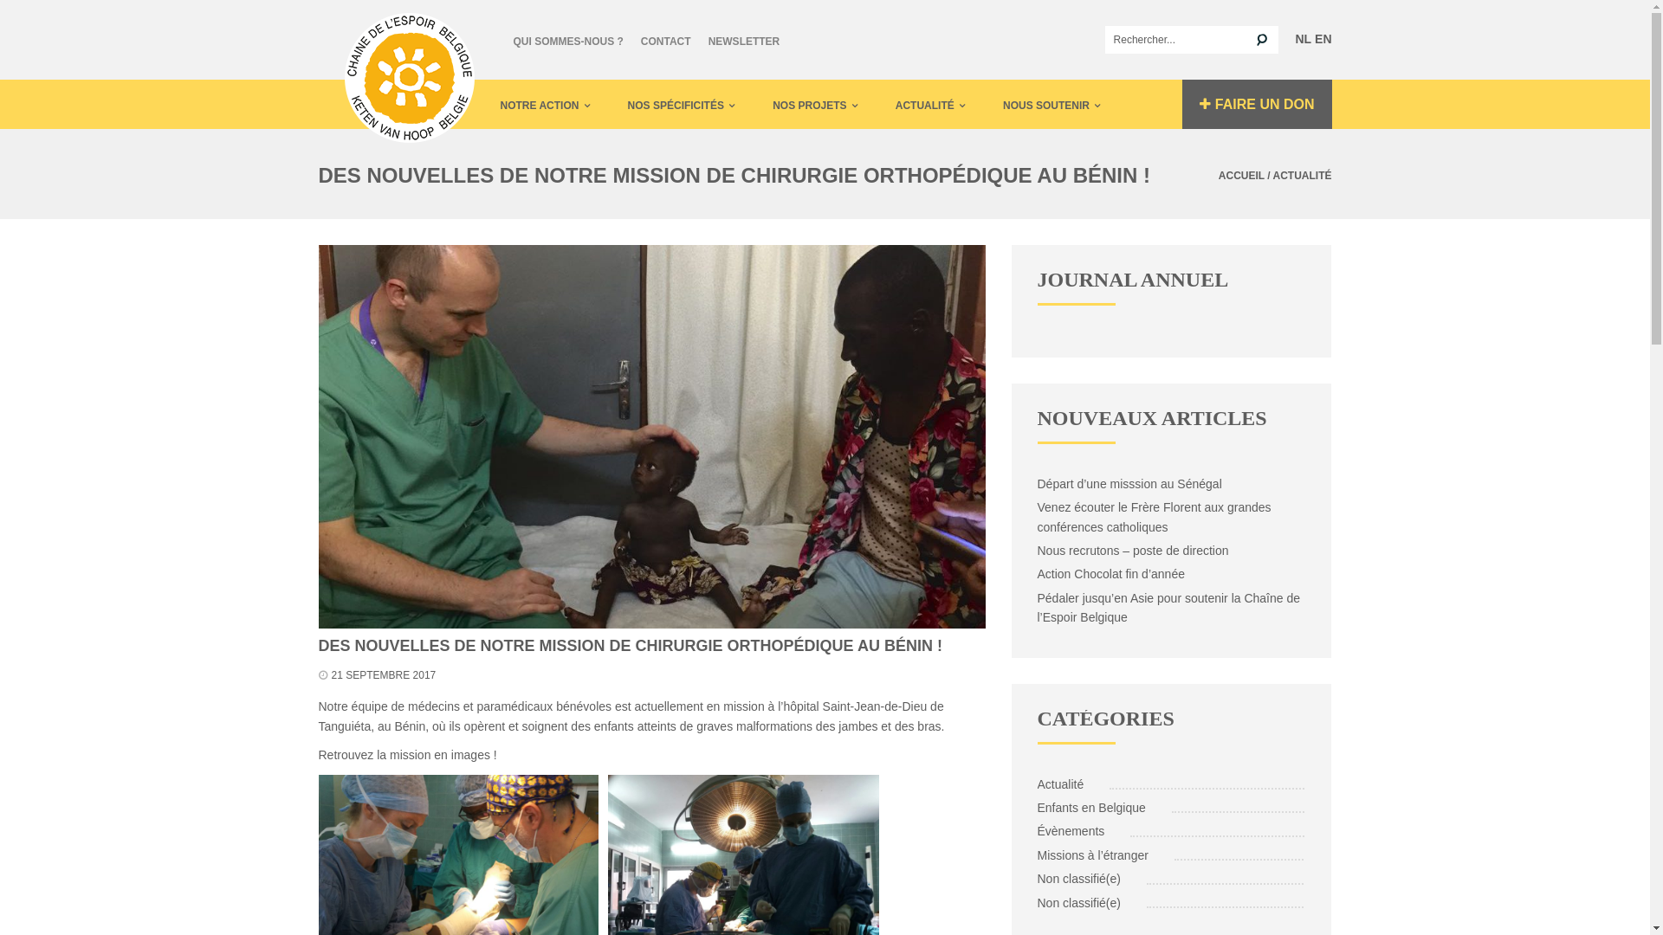 This screenshot has width=1663, height=935. Describe the element at coordinates (664, 39) in the screenshot. I see `'CONTACT'` at that location.